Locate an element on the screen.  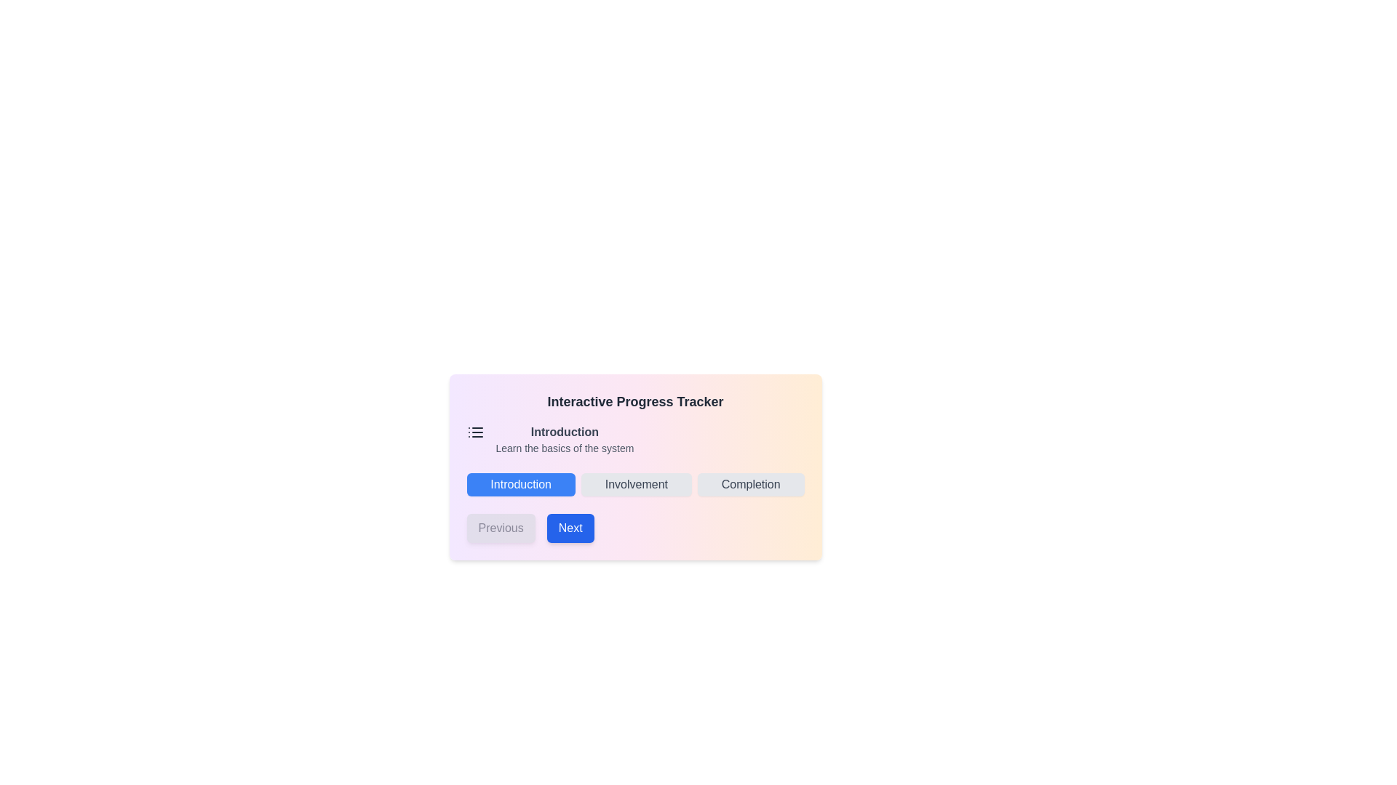
the Text display element that shows the title 'Introduction' and the subtitle 'Learn the basics of the system', which is located near the top-left area of the central interface is located at coordinates (564, 439).